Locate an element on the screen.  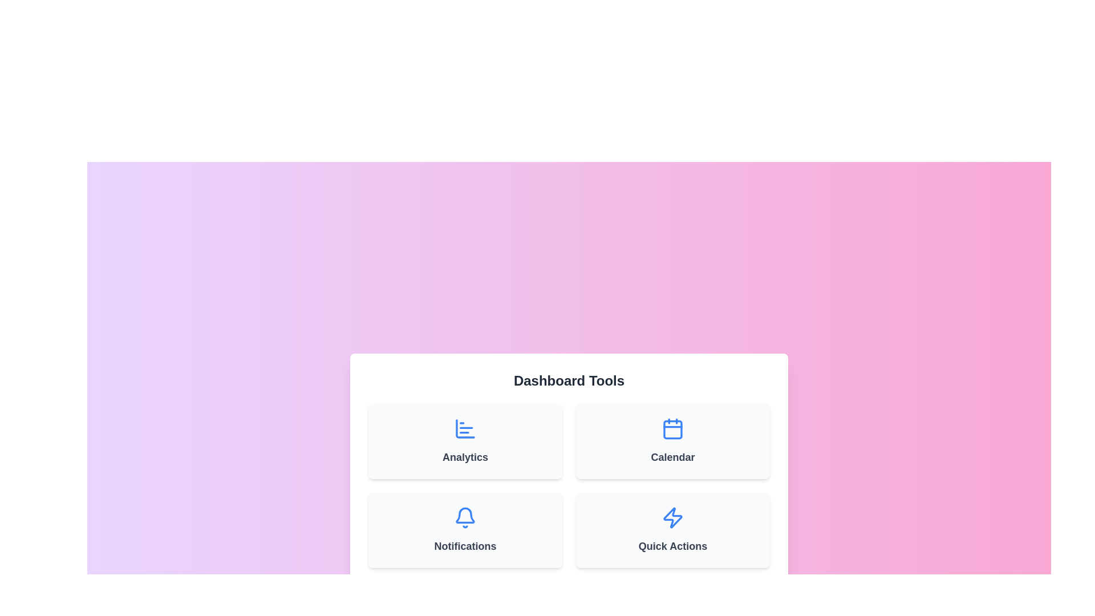
the calendar icon located in the top-right card of the 'Dashboard Tools' section, which is positioned above the text 'Calendar' is located at coordinates (673, 429).